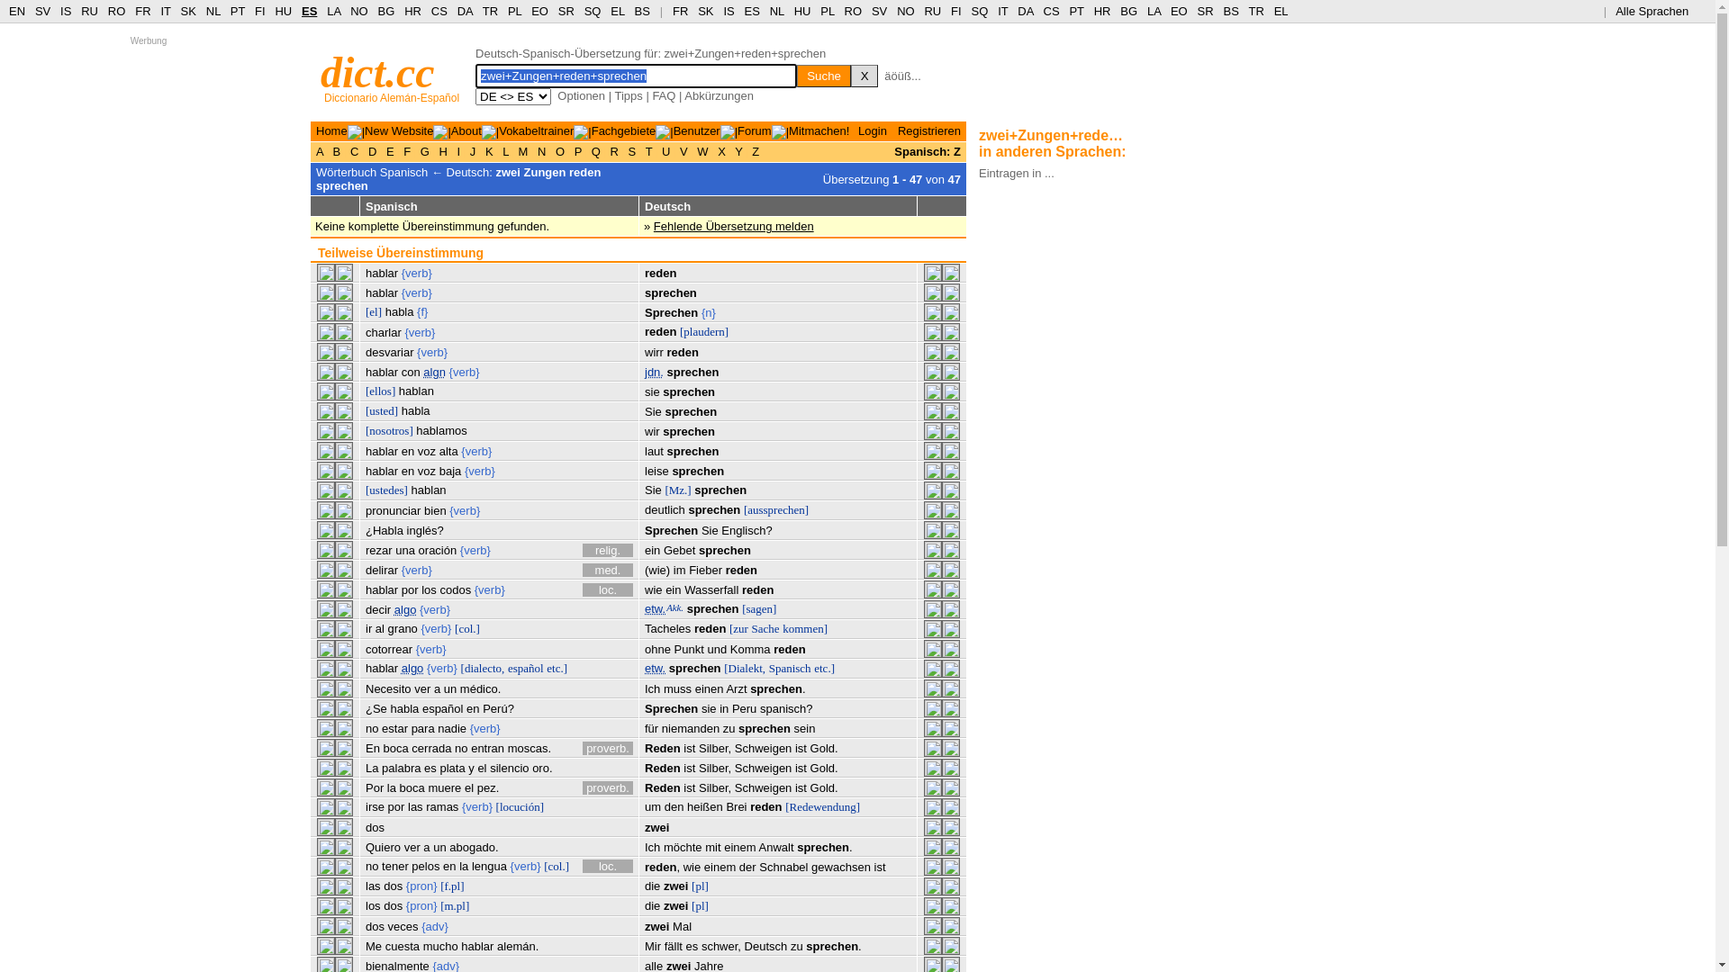 Image resolution: width=1729 pixels, height=972 pixels. I want to click on 'Benutzer', so click(695, 130).